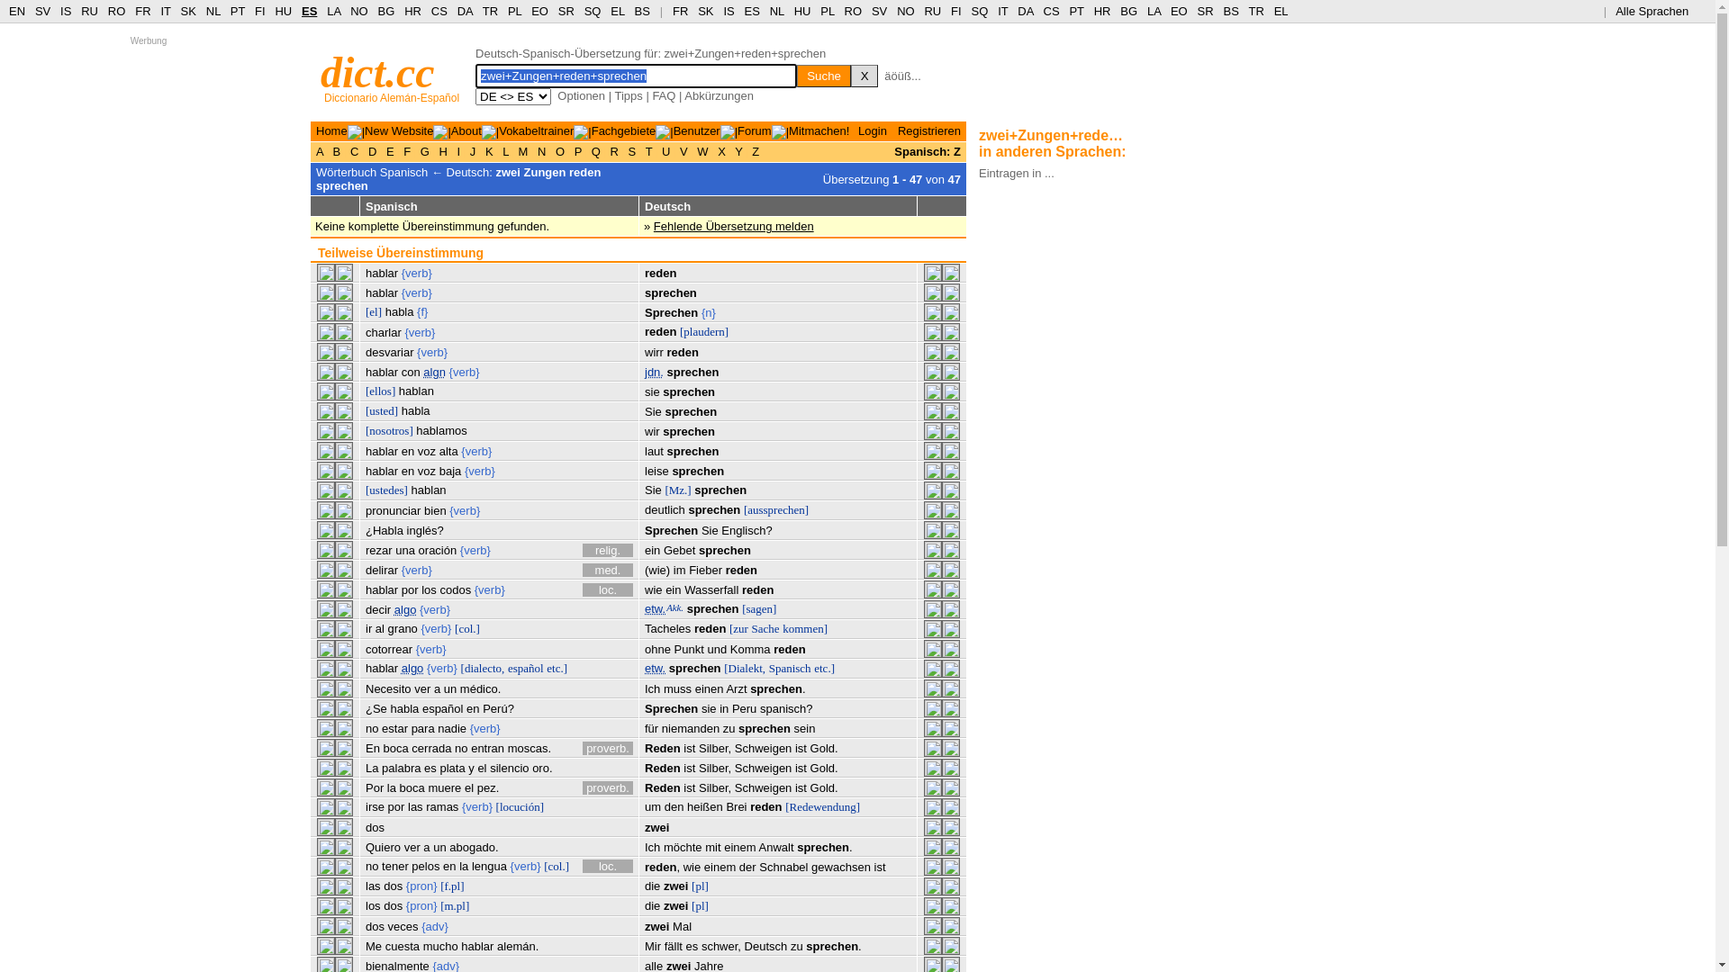 Image resolution: width=1729 pixels, height=972 pixels. I want to click on 'Benutzer', so click(695, 130).